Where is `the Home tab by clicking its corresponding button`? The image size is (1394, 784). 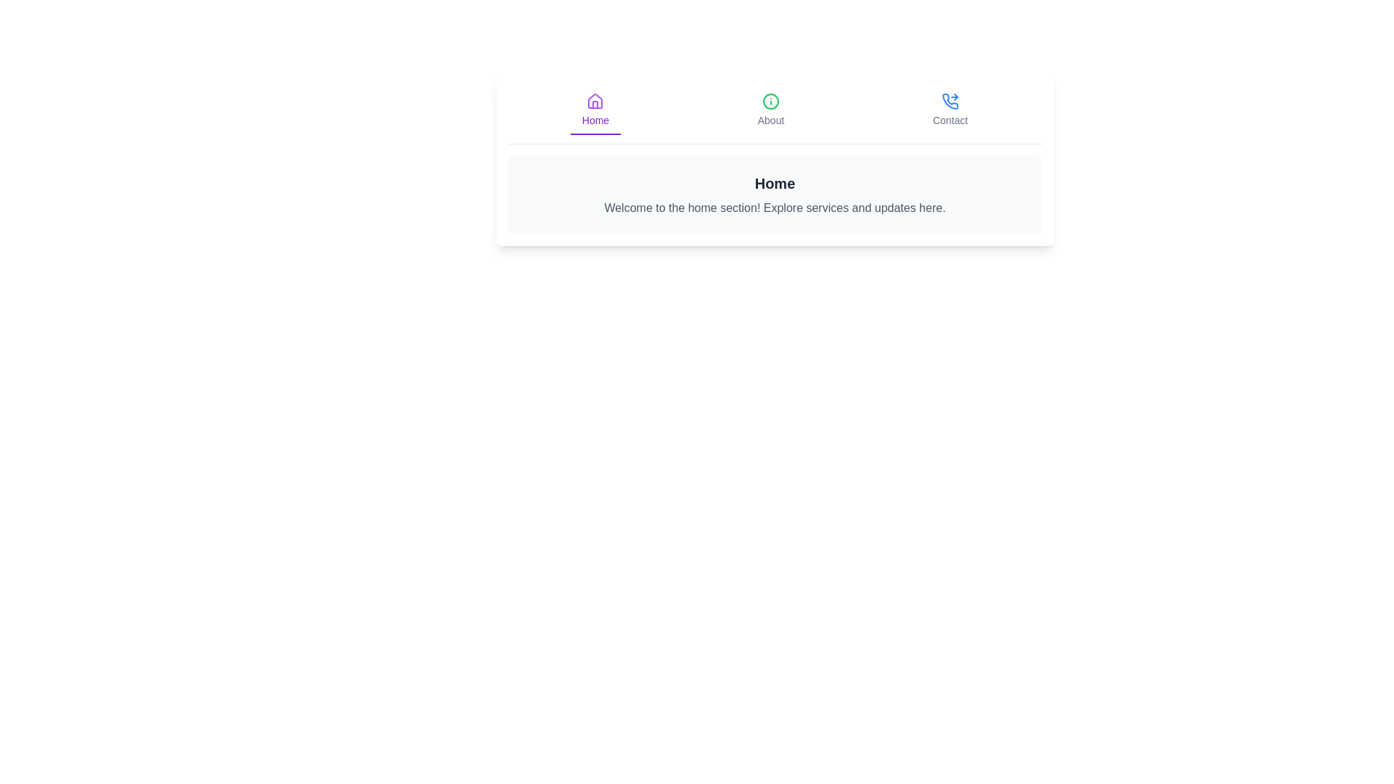 the Home tab by clicking its corresponding button is located at coordinates (595, 110).